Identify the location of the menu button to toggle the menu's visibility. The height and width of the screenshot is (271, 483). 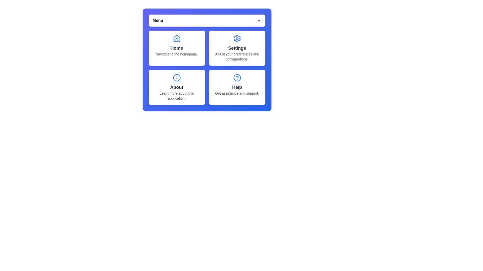
(207, 20).